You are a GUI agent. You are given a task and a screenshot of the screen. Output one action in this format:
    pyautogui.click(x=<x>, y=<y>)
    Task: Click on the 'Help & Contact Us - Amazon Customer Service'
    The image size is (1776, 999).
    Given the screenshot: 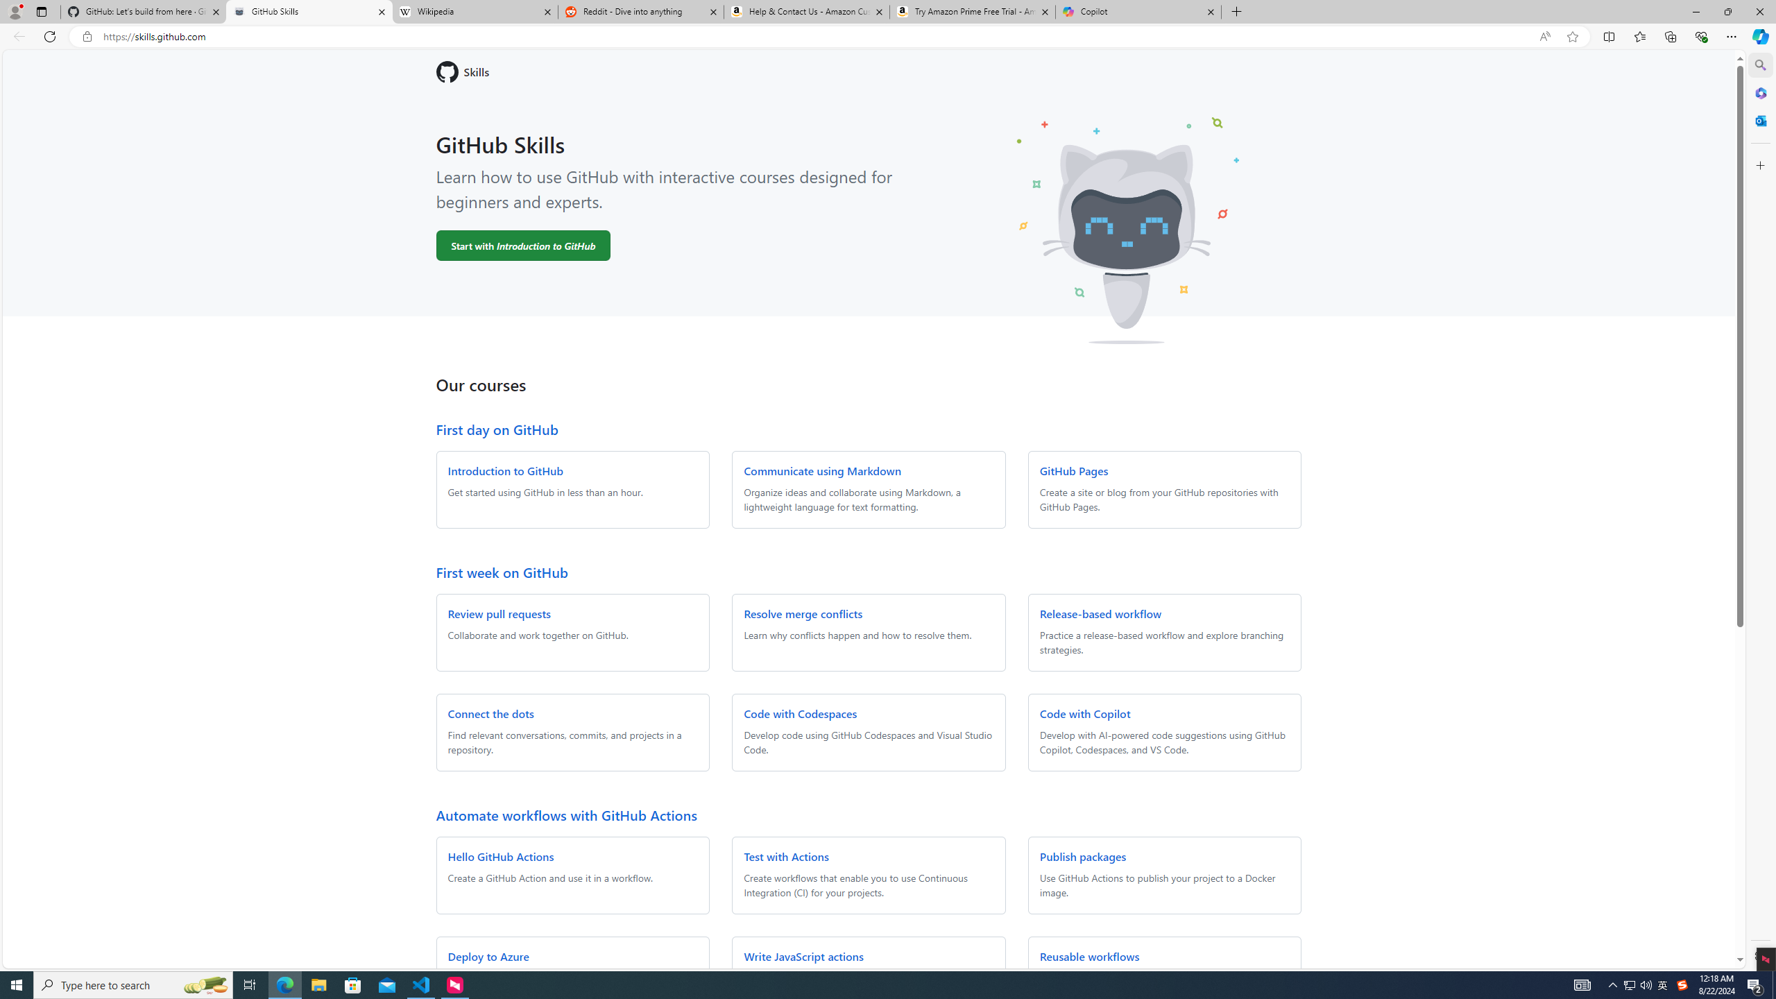 What is the action you would take?
    pyautogui.click(x=805, y=11)
    